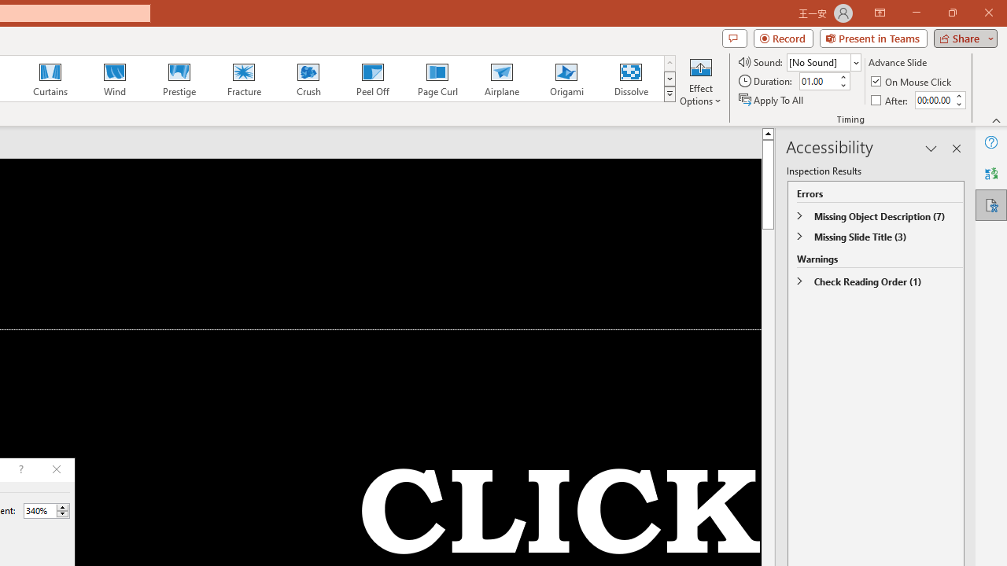 This screenshot has width=1007, height=566. Describe the element at coordinates (437, 79) in the screenshot. I see `'Page Curl'` at that location.